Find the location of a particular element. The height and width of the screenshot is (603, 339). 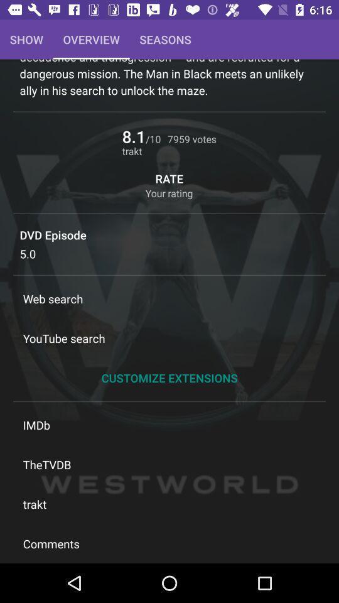

the icon above trakt is located at coordinates (169, 464).